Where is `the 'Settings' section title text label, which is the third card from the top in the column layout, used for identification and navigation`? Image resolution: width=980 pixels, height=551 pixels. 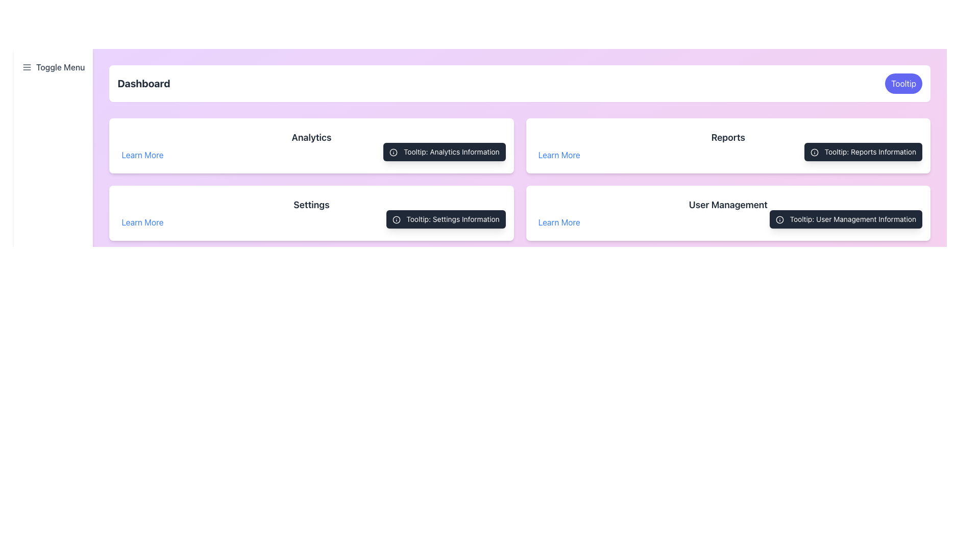 the 'Settings' section title text label, which is the third card from the top in the column layout, used for identification and navigation is located at coordinates (311, 205).